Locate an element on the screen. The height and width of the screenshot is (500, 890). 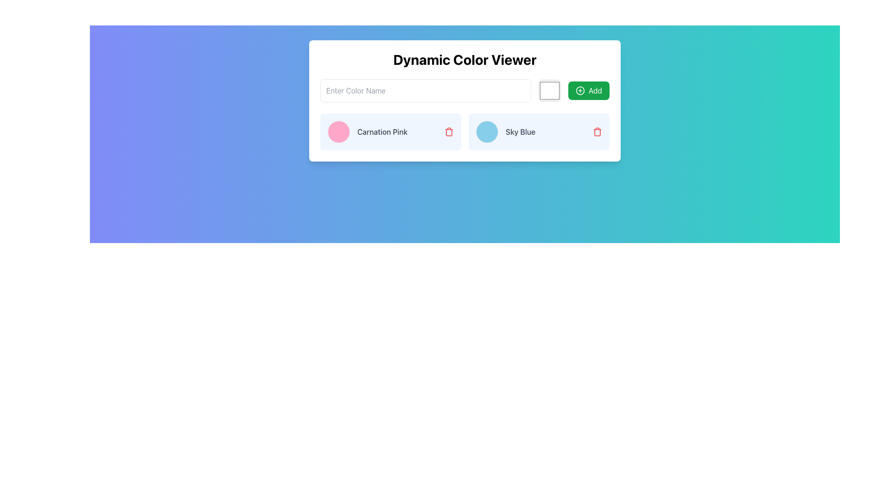
the third button located to the right of the input field for entering a color name and a square color picker, which is intended is located at coordinates (588, 91).